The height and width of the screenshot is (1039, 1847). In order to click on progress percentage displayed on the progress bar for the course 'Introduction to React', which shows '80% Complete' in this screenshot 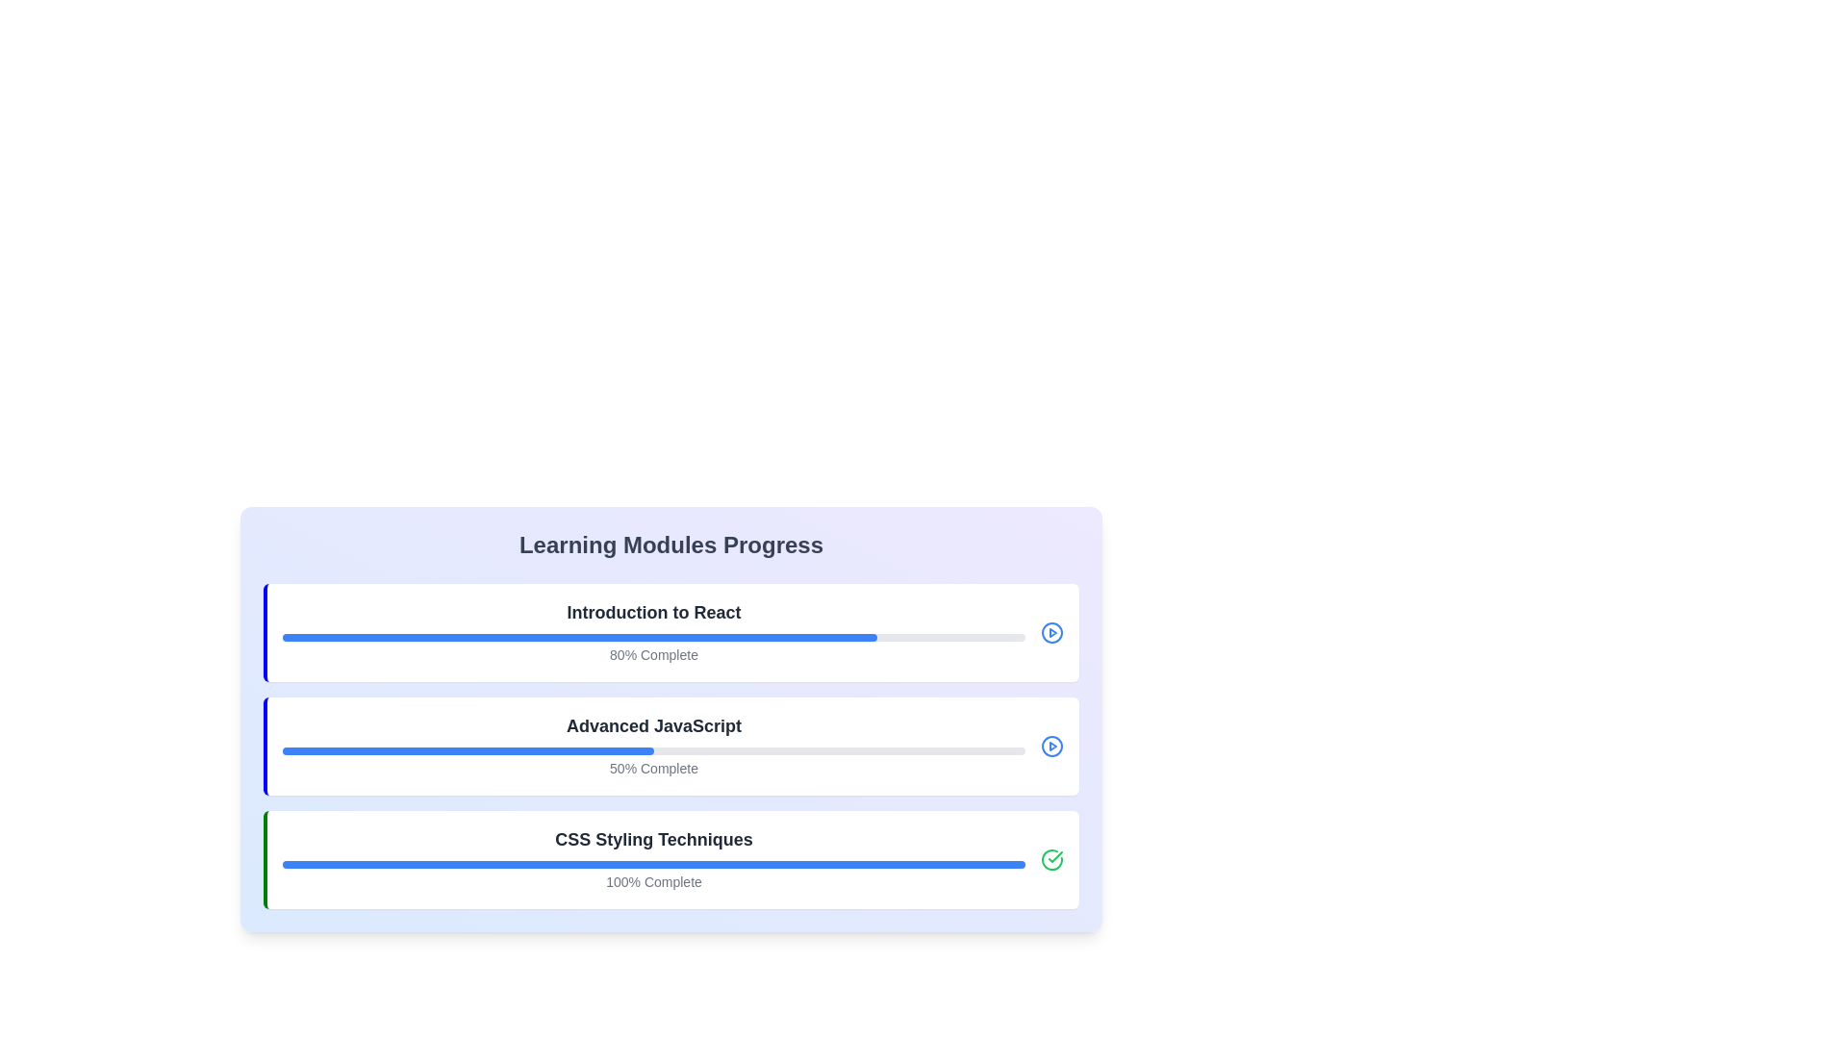, I will do `click(654, 633)`.